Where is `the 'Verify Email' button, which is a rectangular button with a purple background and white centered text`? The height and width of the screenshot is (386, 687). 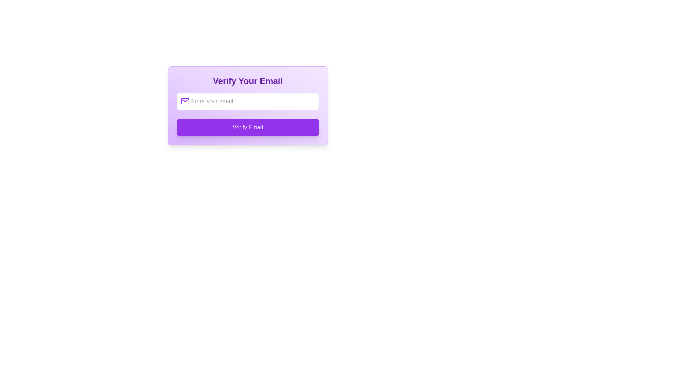
the 'Verify Email' button, which is a rectangular button with a purple background and white centered text is located at coordinates (248, 127).